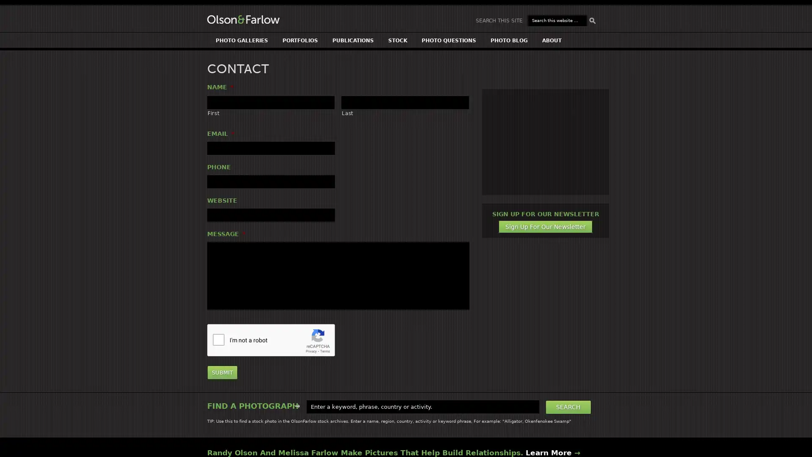  What do you see at coordinates (568, 406) in the screenshot?
I see `Search` at bounding box center [568, 406].